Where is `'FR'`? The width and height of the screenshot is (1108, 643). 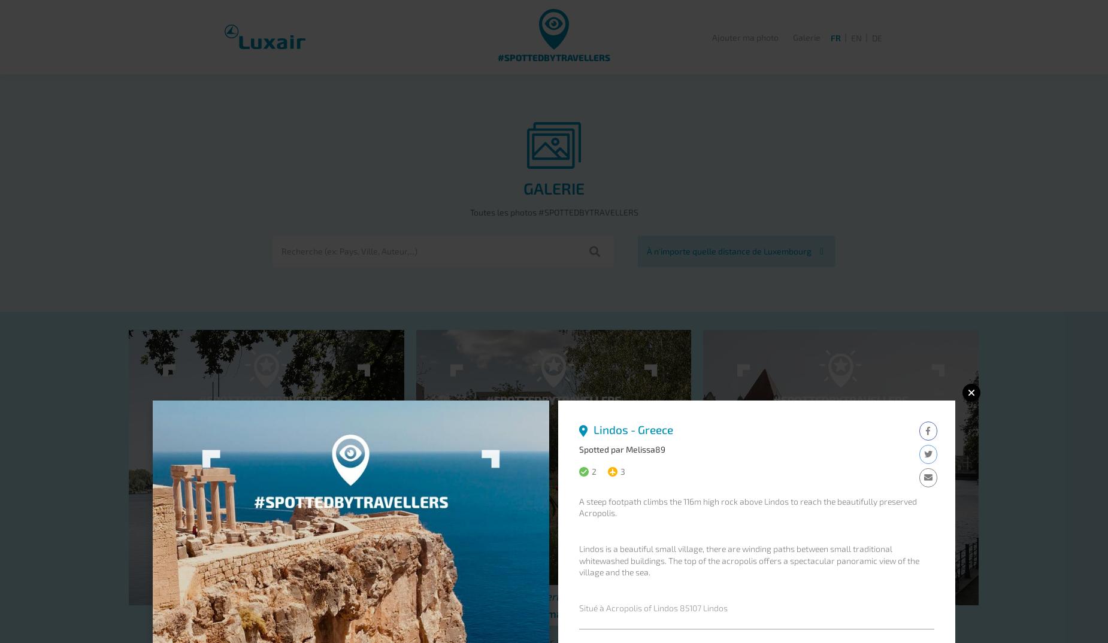 'FR' is located at coordinates (830, 37).